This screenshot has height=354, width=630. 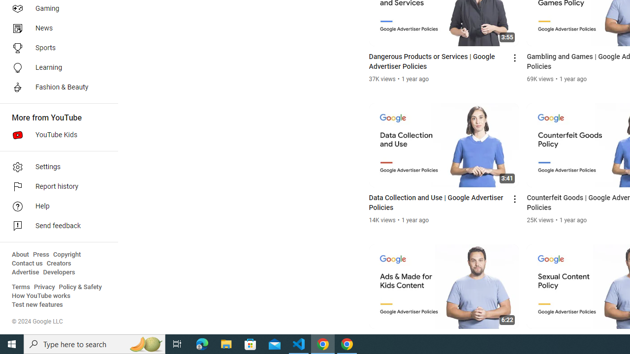 I want to click on 'News', so click(x=55, y=28).